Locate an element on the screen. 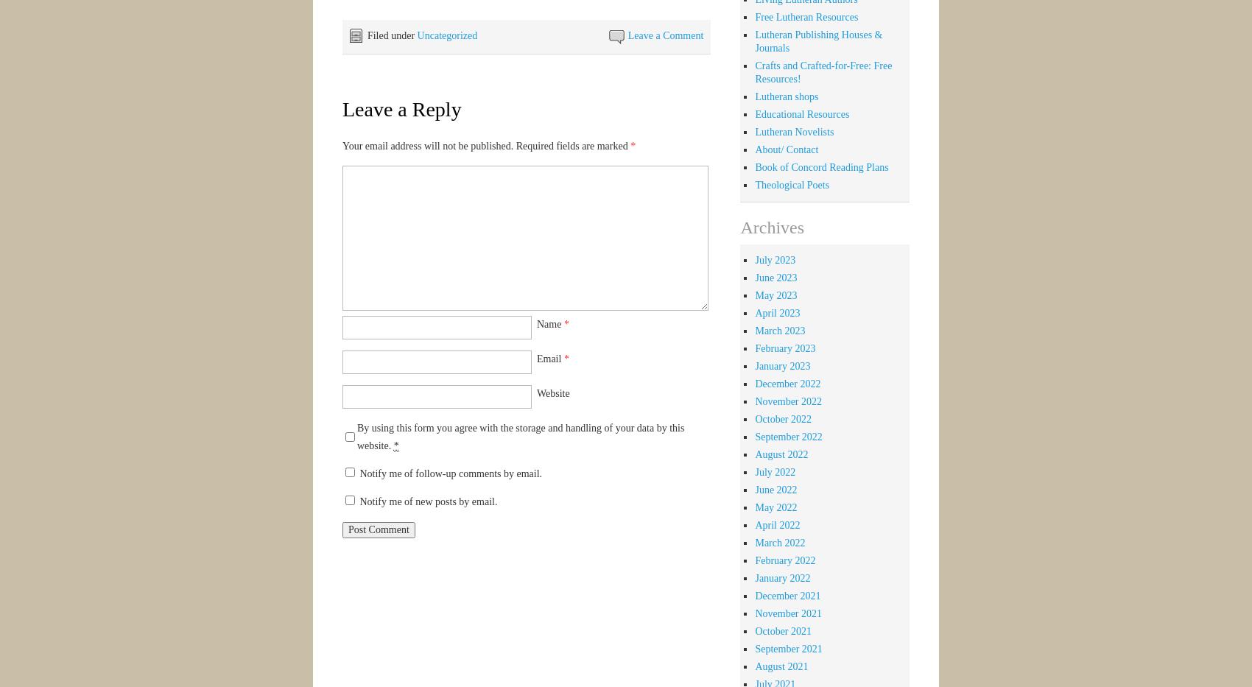  'Educational Resources' is located at coordinates (802, 113).